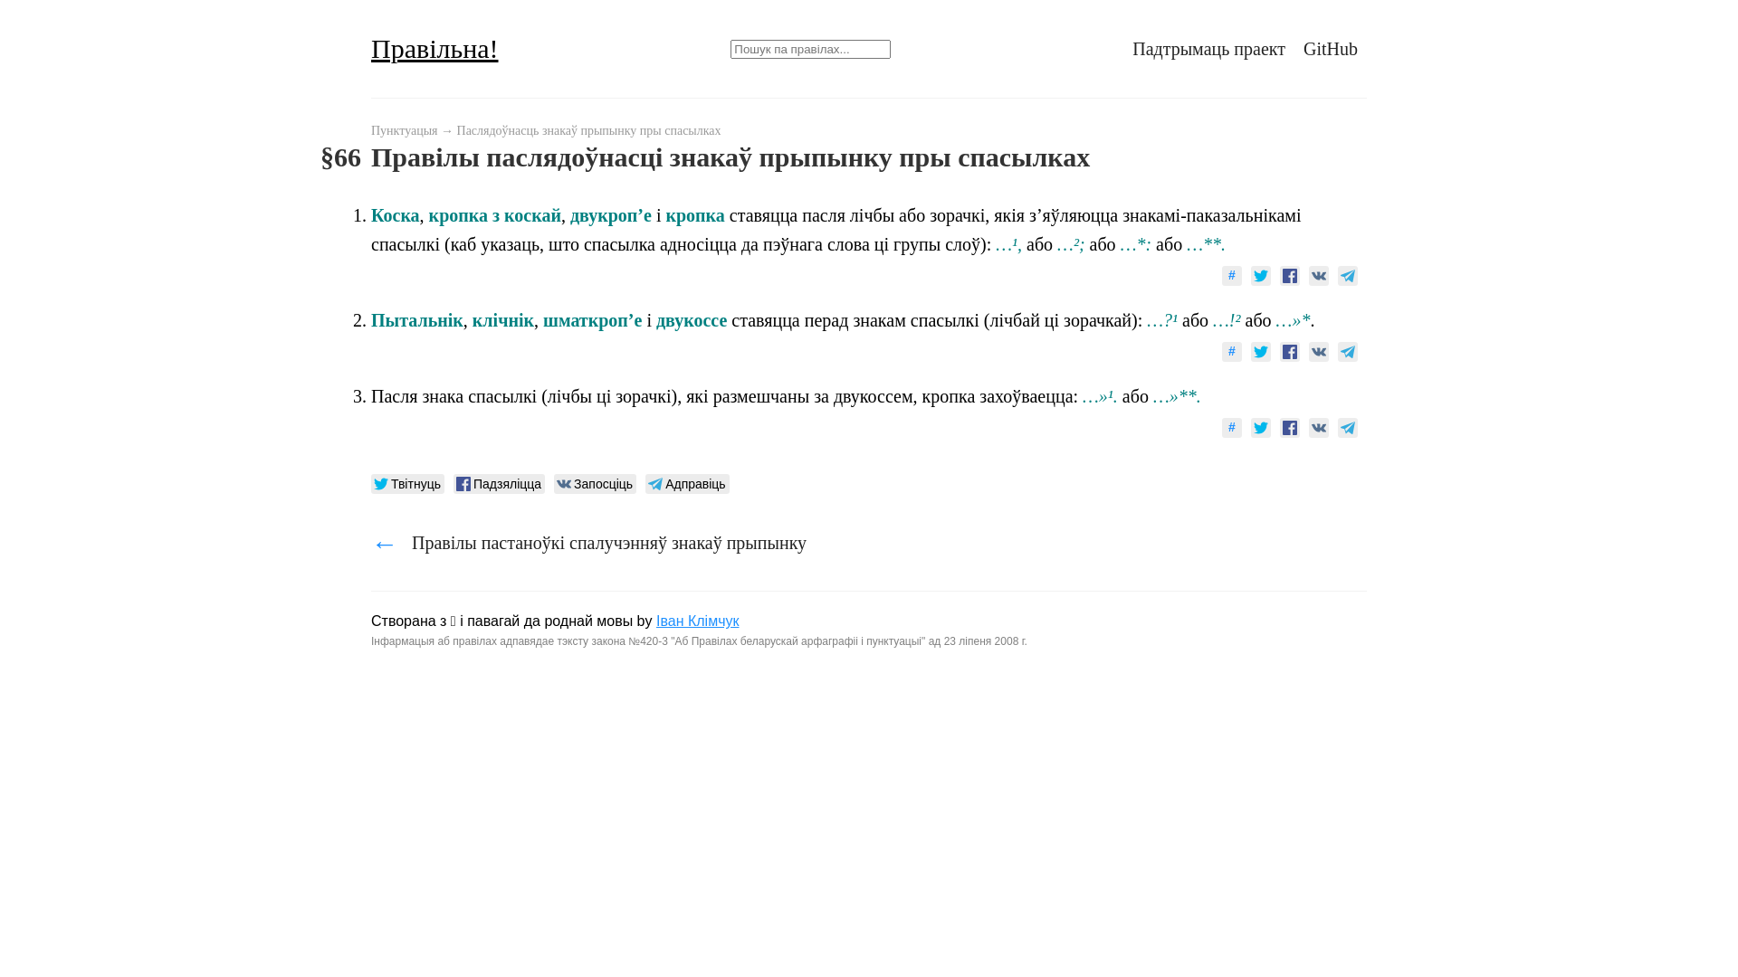 Image resolution: width=1738 pixels, height=977 pixels. What do you see at coordinates (1231, 428) in the screenshot?
I see `'#'` at bounding box center [1231, 428].